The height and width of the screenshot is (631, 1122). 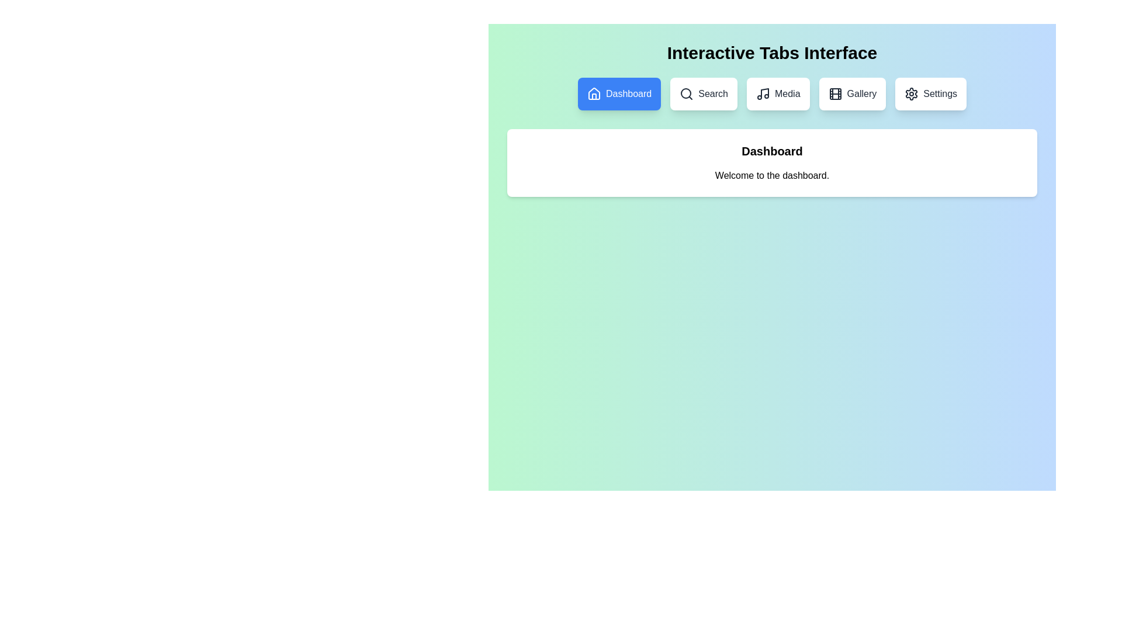 What do you see at coordinates (619, 93) in the screenshot?
I see `the blue rectangular button labeled 'Dashboard' with a house icon` at bounding box center [619, 93].